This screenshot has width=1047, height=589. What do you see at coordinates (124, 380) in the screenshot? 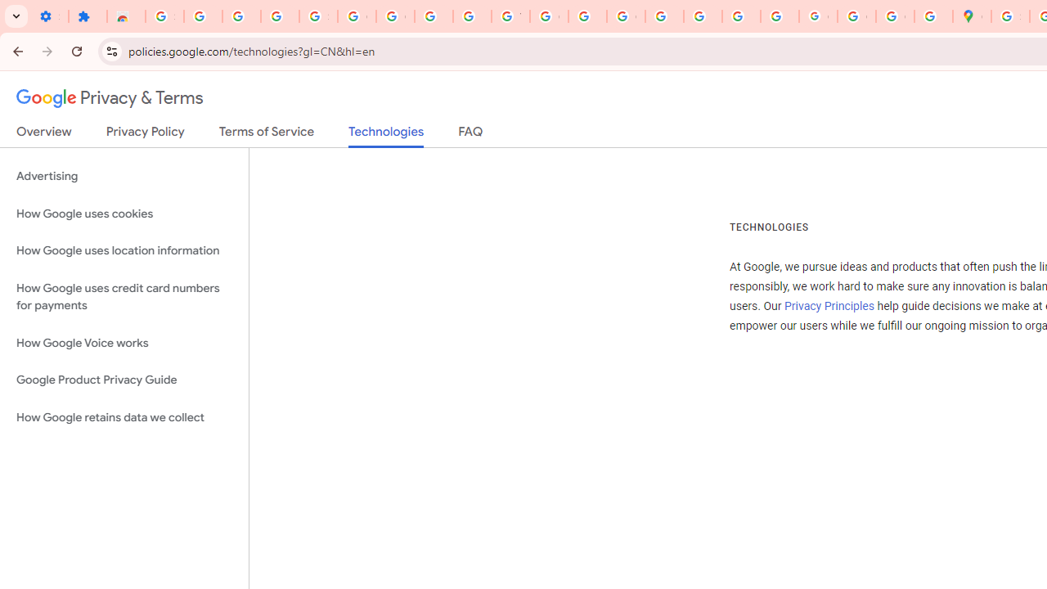
I see `'Google Product Privacy Guide'` at bounding box center [124, 380].